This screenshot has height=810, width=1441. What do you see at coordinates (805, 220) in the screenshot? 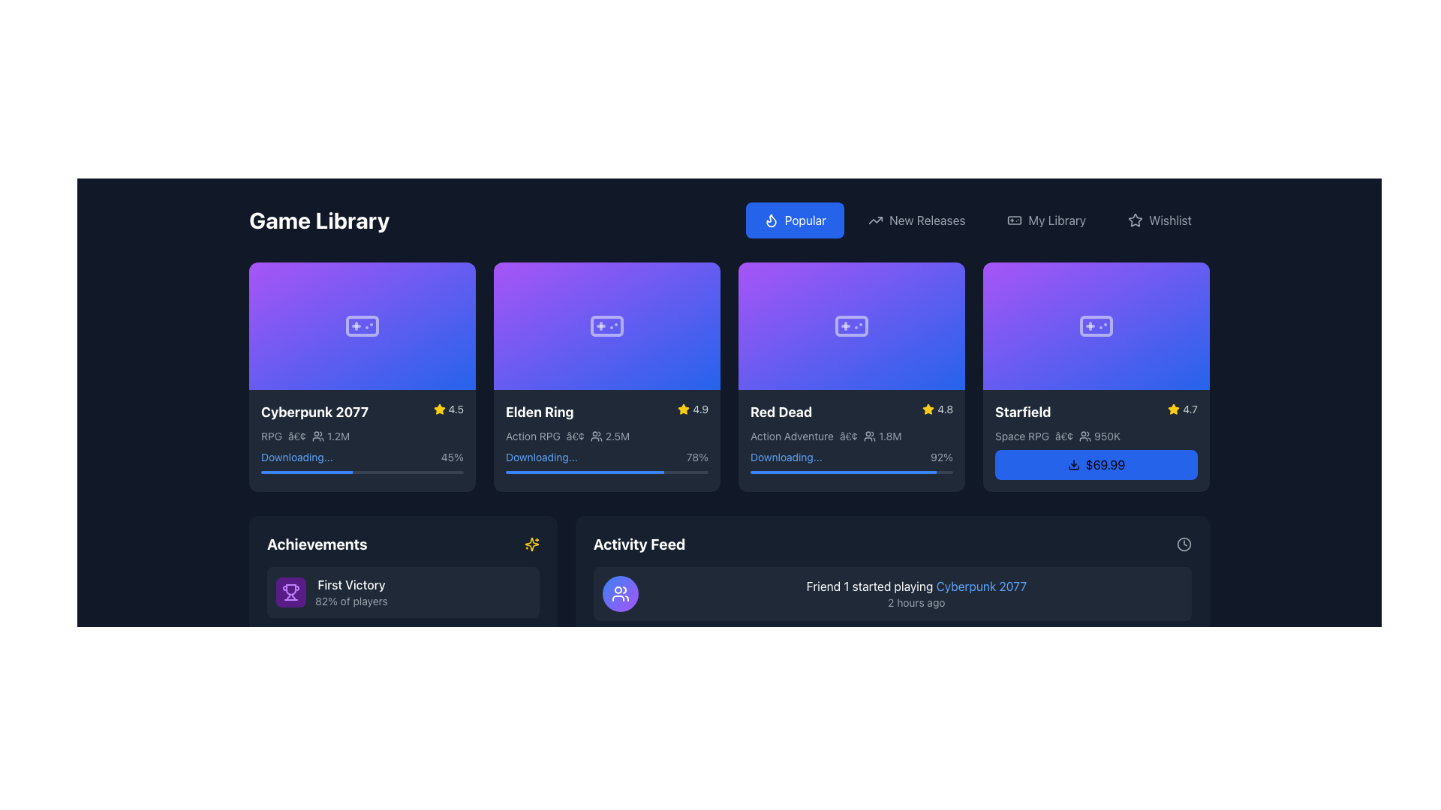
I see `the first button in the navigation bar` at bounding box center [805, 220].